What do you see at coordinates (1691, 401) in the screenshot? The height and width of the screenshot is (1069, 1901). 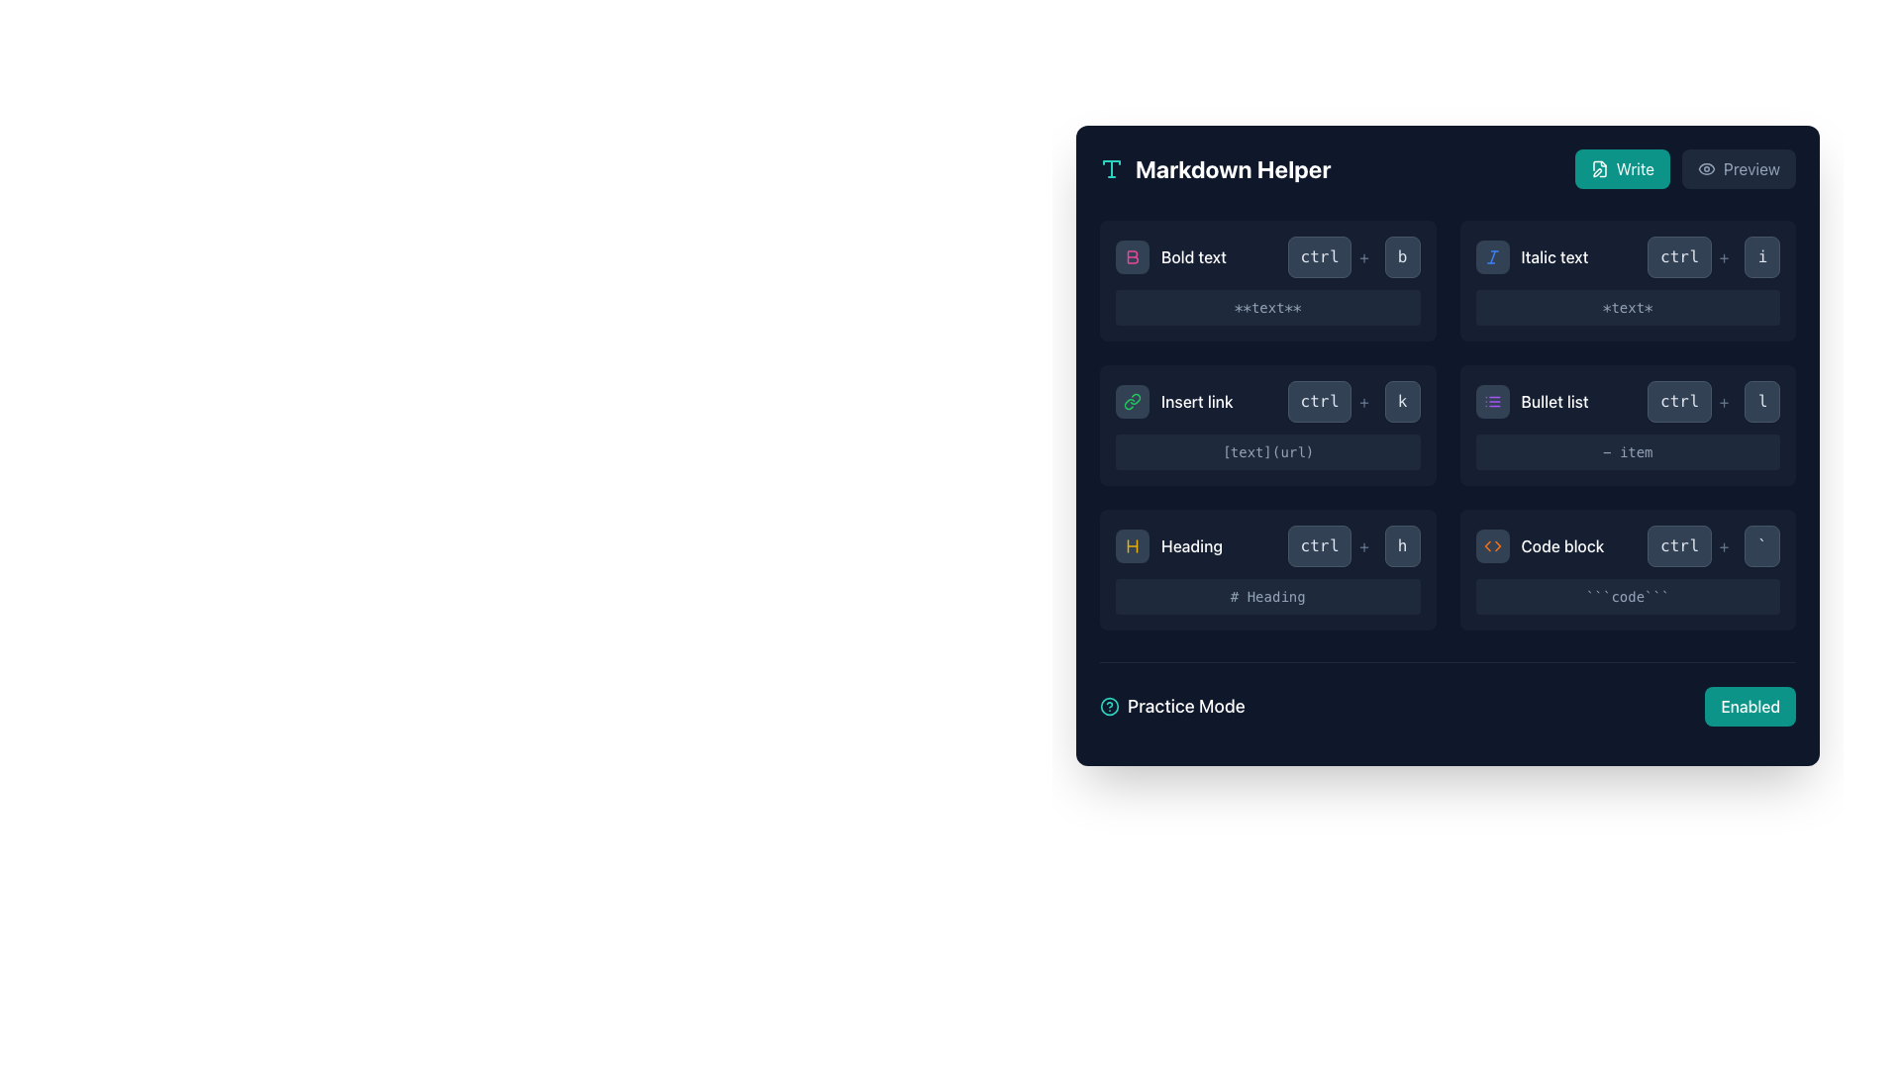 I see `the 'ctrl+' shortcut combination, which is styled with a button-like appearance for 'ctrl' and a lighter '+' adjacent to it` at bounding box center [1691, 401].